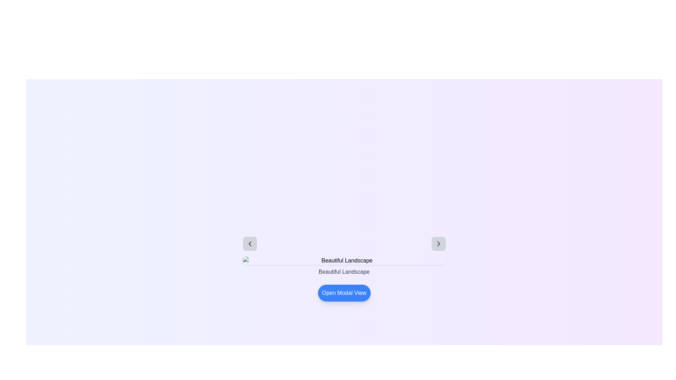 Image resolution: width=676 pixels, height=380 pixels. I want to click on the rounded rectangular blue button labeled 'Open Modal View' to observe the hover effect, so click(344, 293).